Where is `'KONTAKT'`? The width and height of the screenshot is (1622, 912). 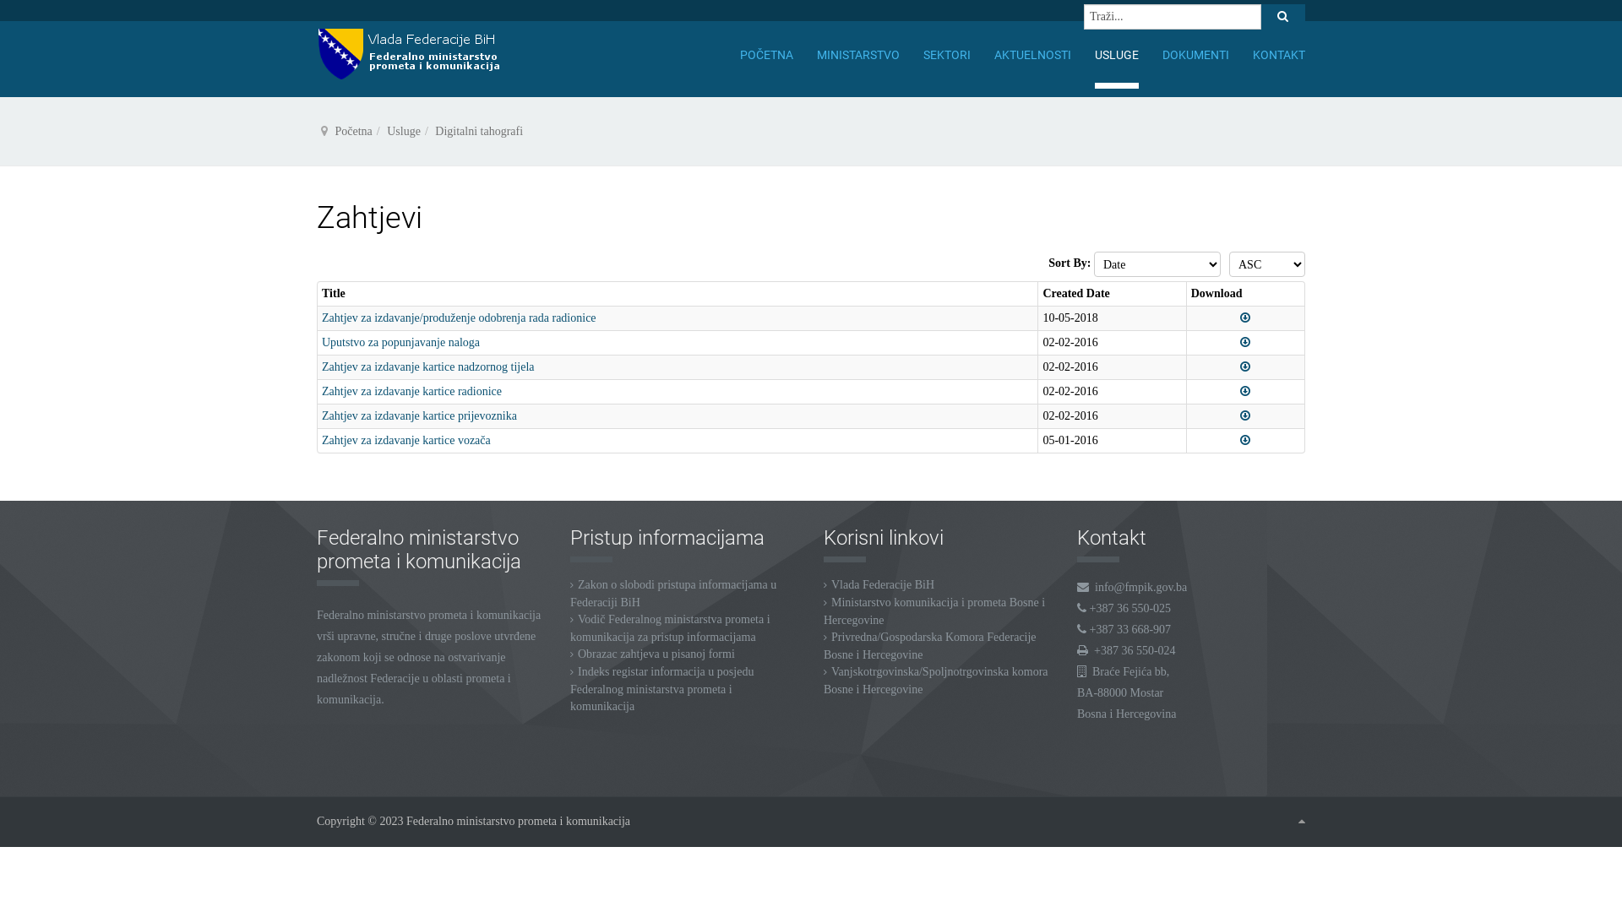 'KONTAKT' is located at coordinates (1253, 54).